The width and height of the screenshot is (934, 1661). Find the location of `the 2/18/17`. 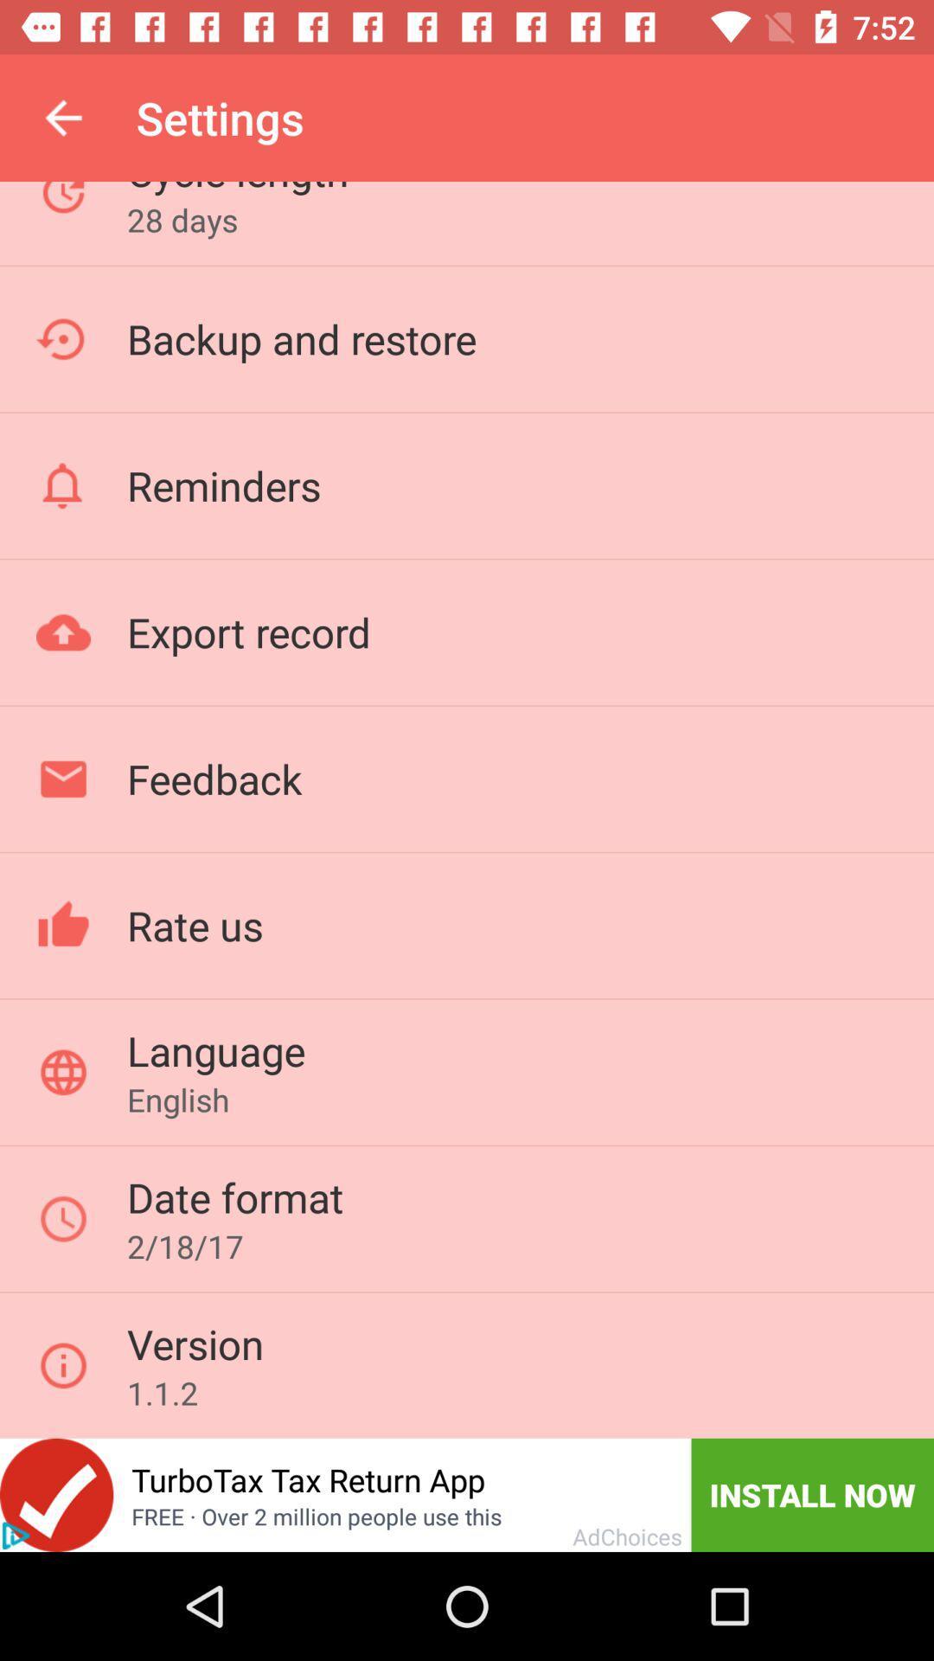

the 2/18/17 is located at coordinates (185, 1246).